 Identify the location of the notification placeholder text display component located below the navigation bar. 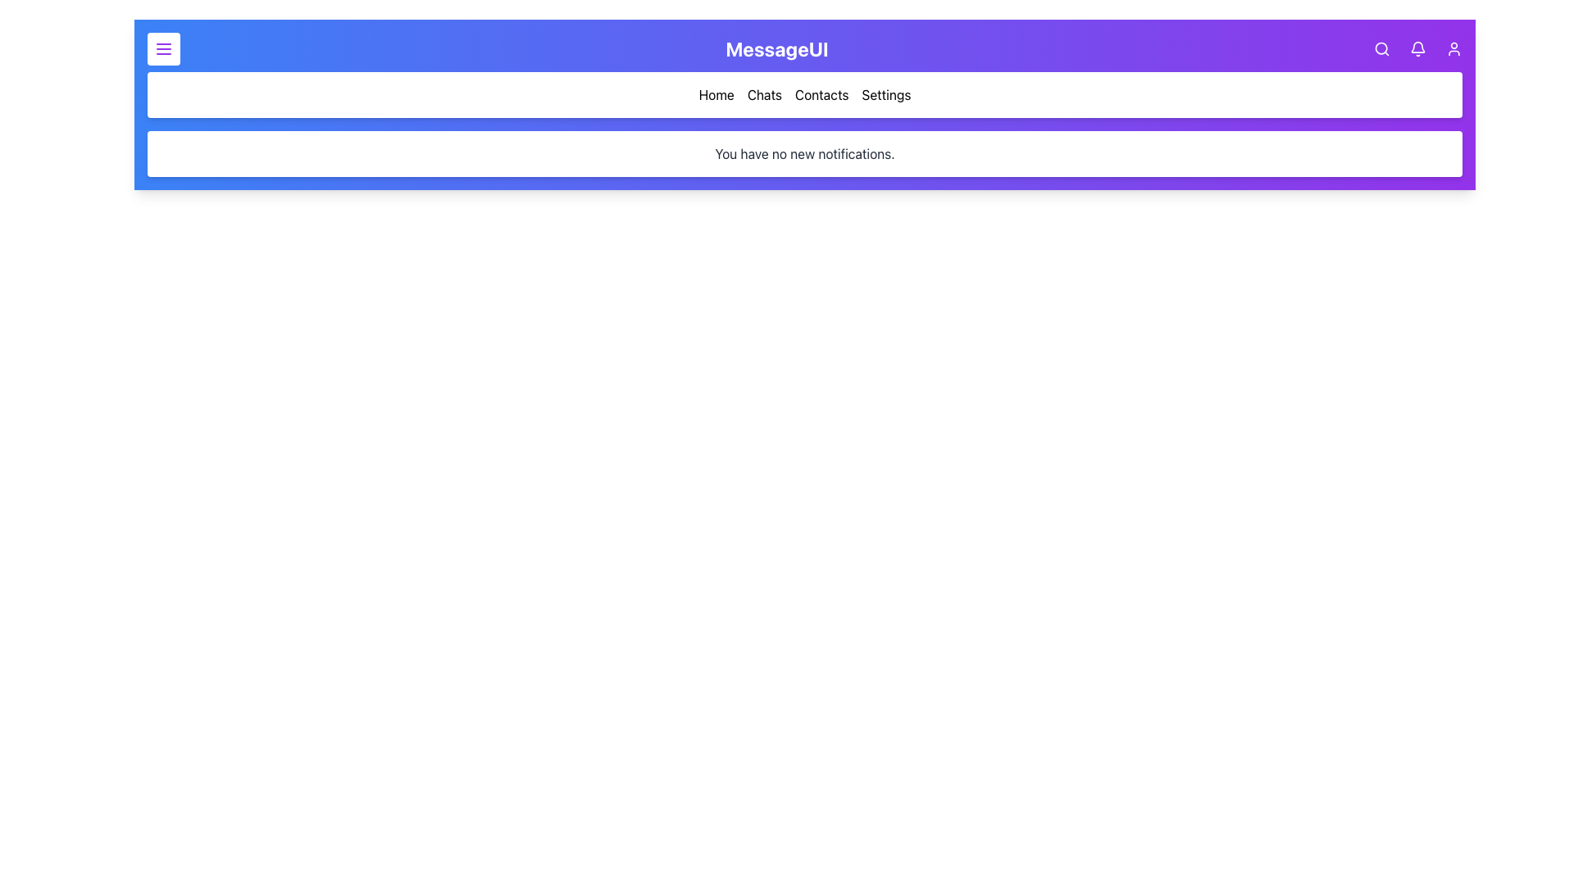
(805, 154).